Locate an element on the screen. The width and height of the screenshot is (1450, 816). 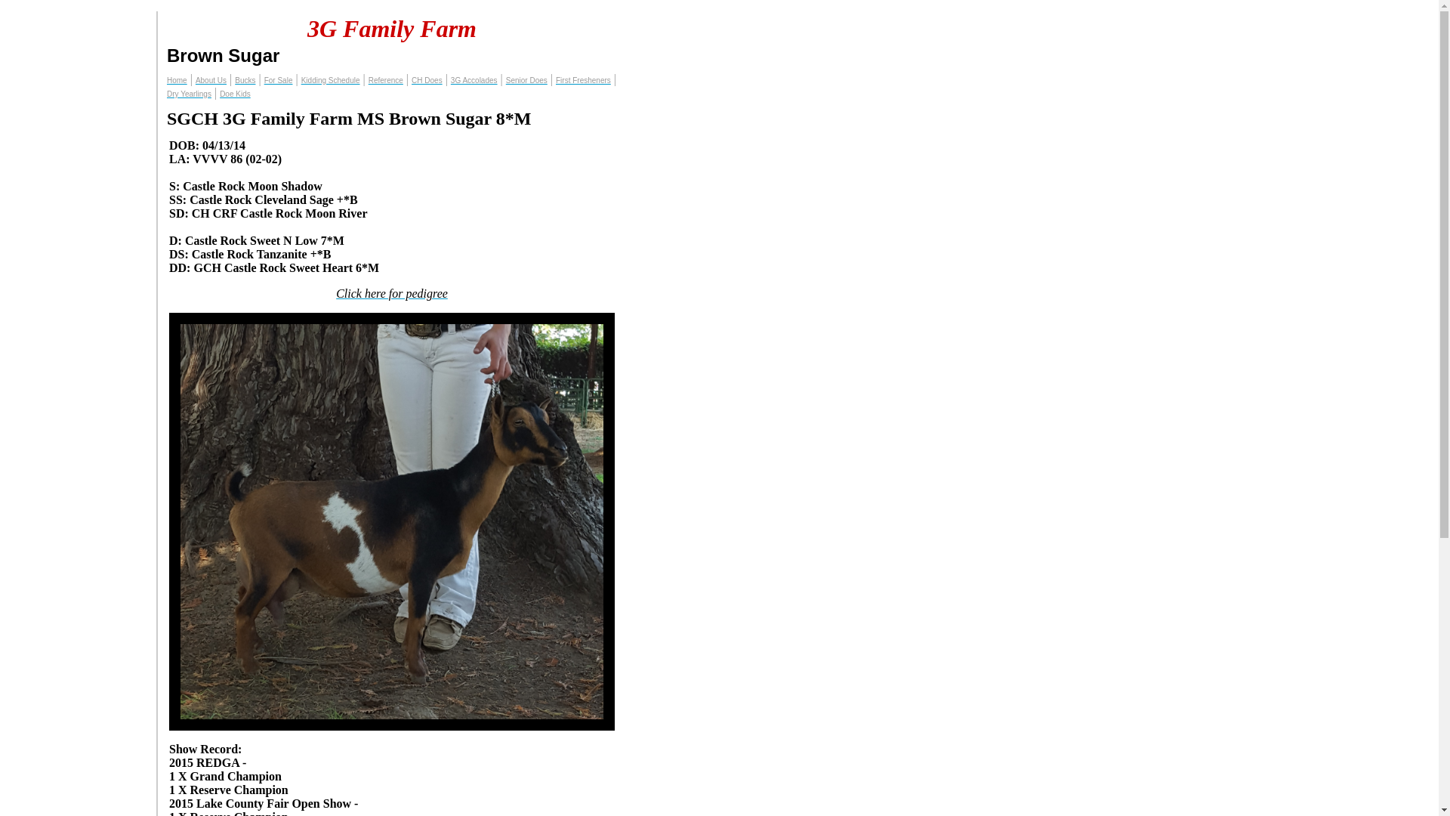
'First Fresheners' is located at coordinates (582, 80).